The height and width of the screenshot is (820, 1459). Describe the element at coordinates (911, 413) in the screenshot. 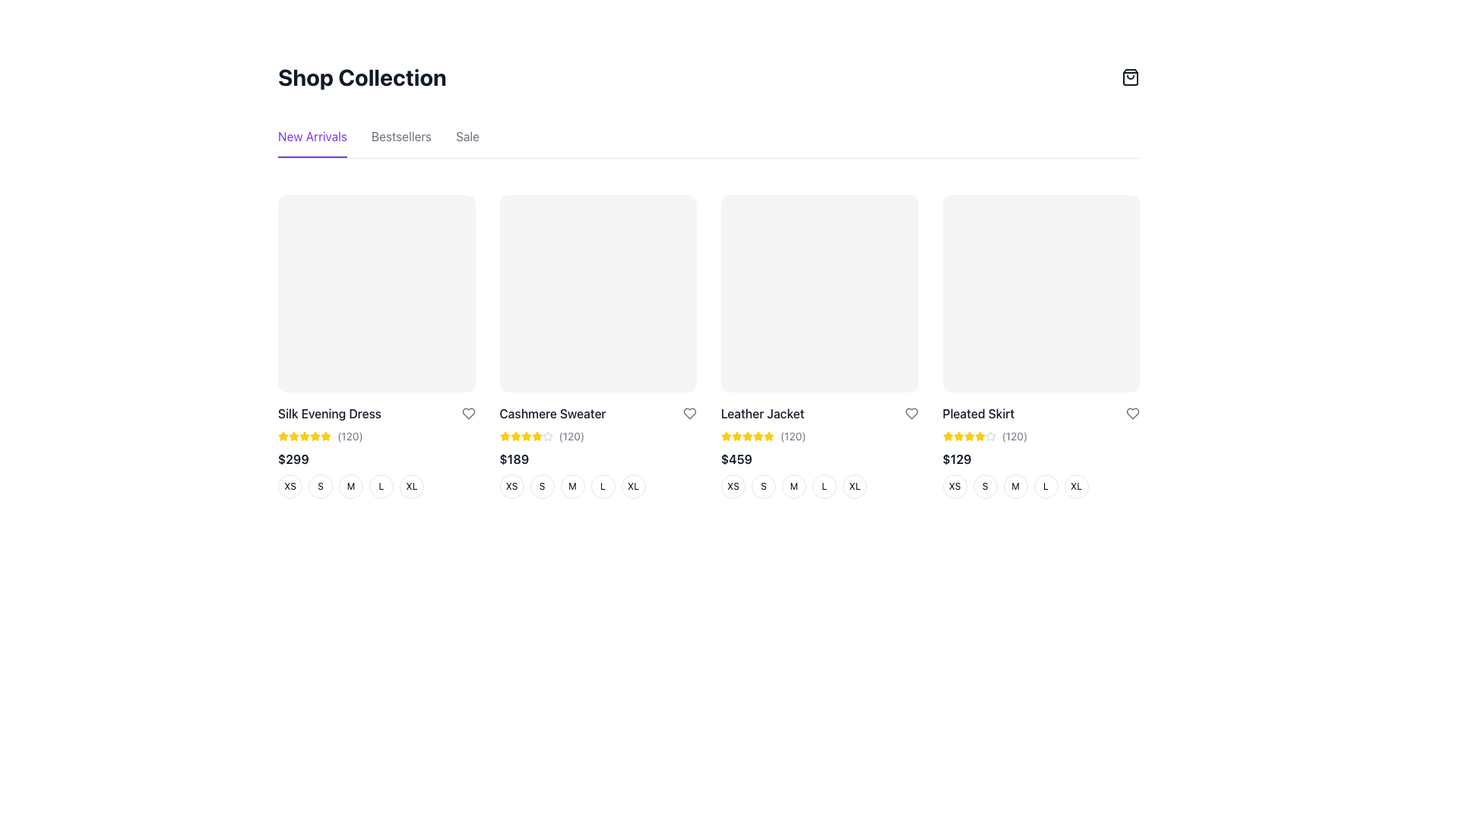

I see `the heart icon button located within the 'Leather Jacket' card` at that location.